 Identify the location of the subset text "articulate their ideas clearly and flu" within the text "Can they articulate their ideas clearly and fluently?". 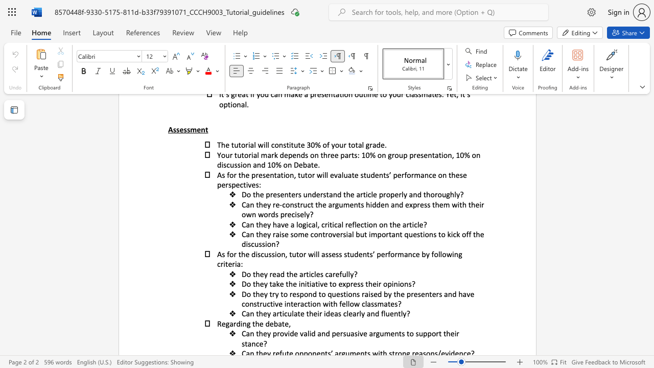
(272, 313).